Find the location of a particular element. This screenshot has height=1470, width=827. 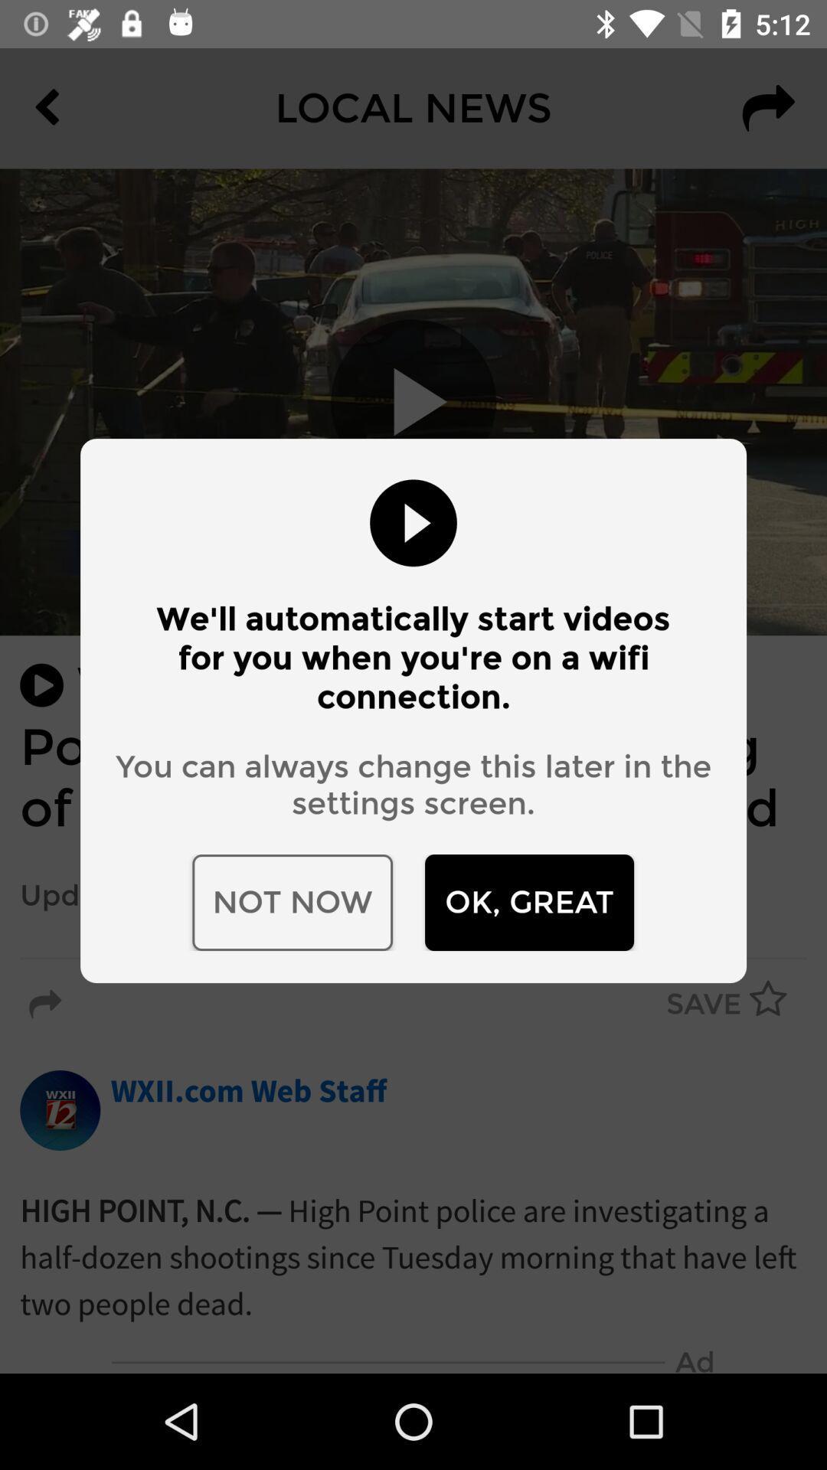

the redo icon is located at coordinates (768, 107).